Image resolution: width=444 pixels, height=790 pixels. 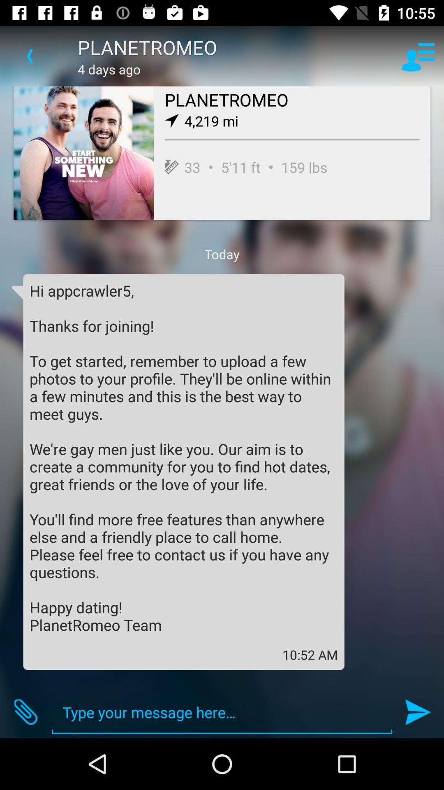 What do you see at coordinates (418, 56) in the screenshot?
I see `the icon next to planetromeo item` at bounding box center [418, 56].